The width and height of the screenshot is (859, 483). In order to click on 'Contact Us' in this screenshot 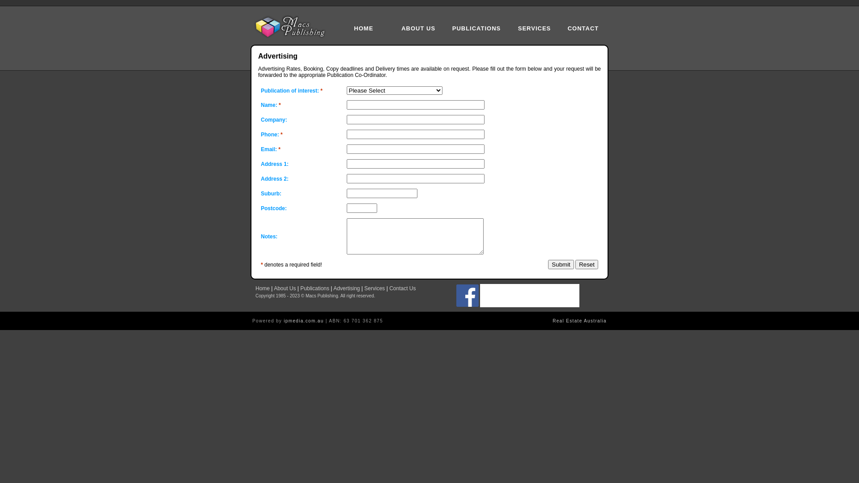, I will do `click(402, 288)`.